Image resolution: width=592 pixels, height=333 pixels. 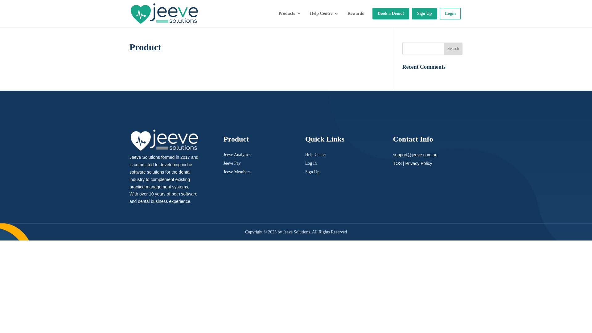 I want to click on 'Help Center', so click(x=315, y=154).